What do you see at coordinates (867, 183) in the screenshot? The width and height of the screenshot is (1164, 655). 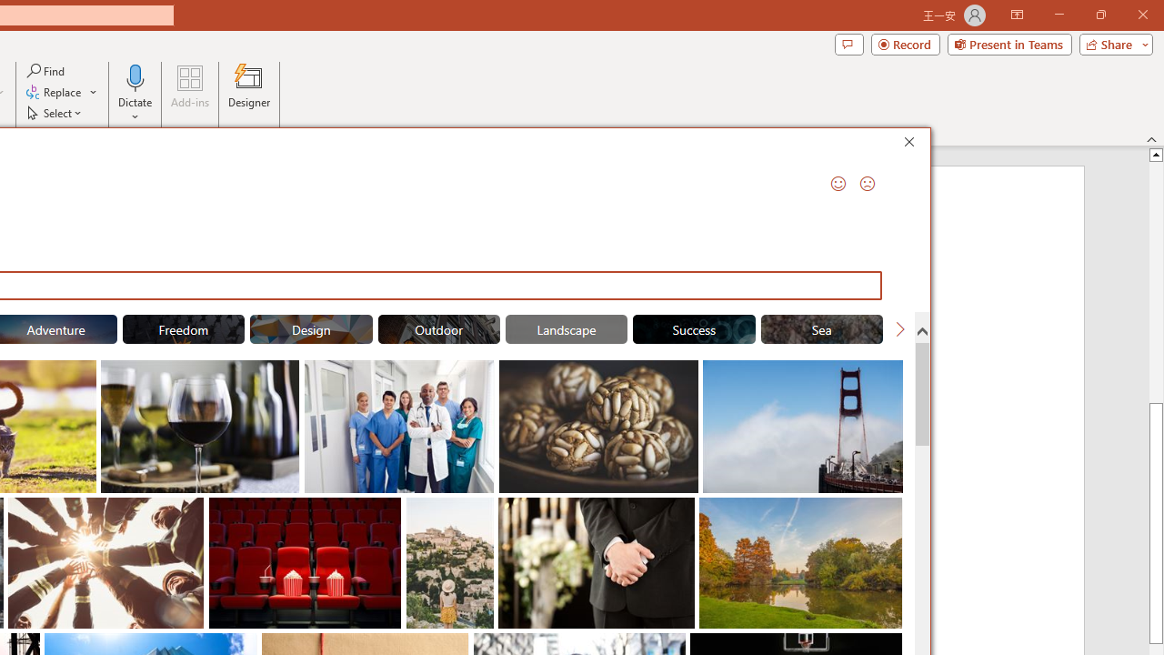 I see `'Send a Frown'` at bounding box center [867, 183].